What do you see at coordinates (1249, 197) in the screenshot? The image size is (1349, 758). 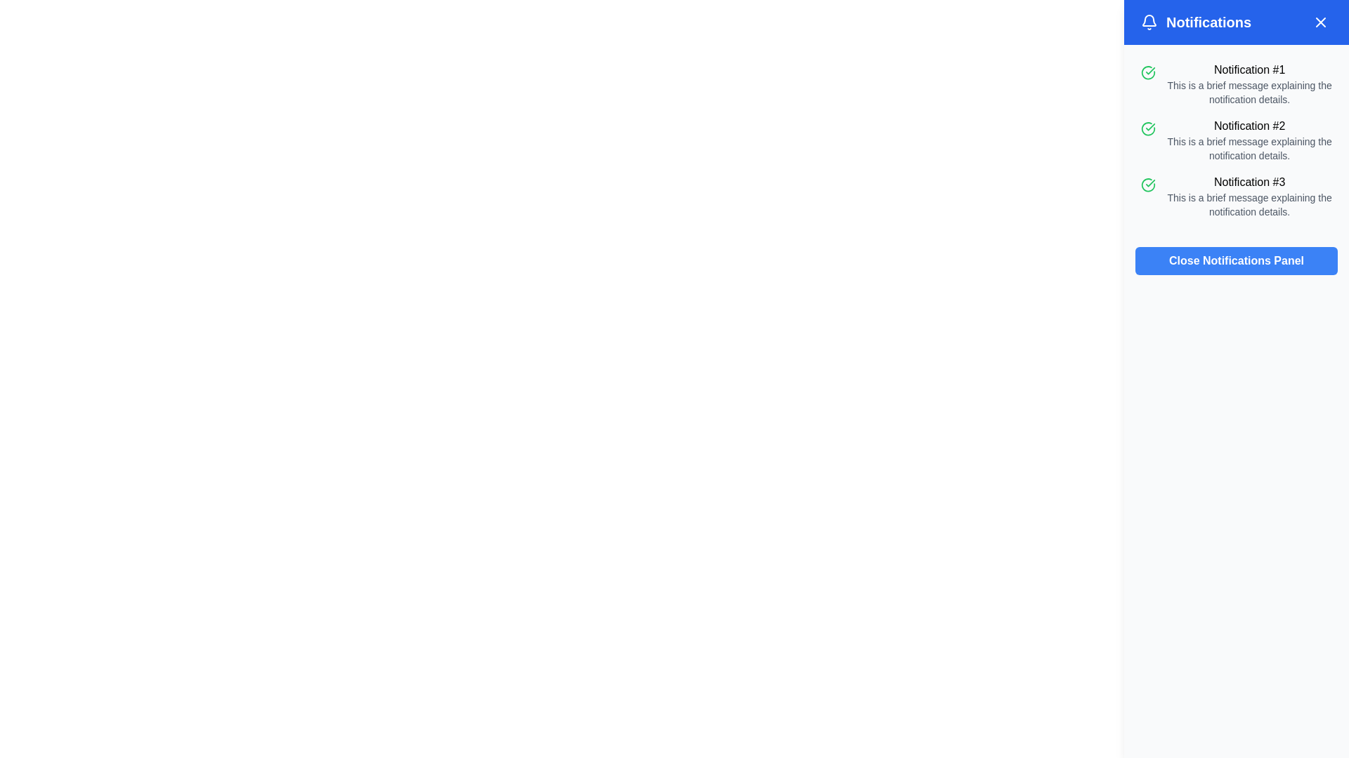 I see `the notification entry titled 'Notification #3' which is the third item in the vertical list on the right side of the interface` at bounding box center [1249, 197].